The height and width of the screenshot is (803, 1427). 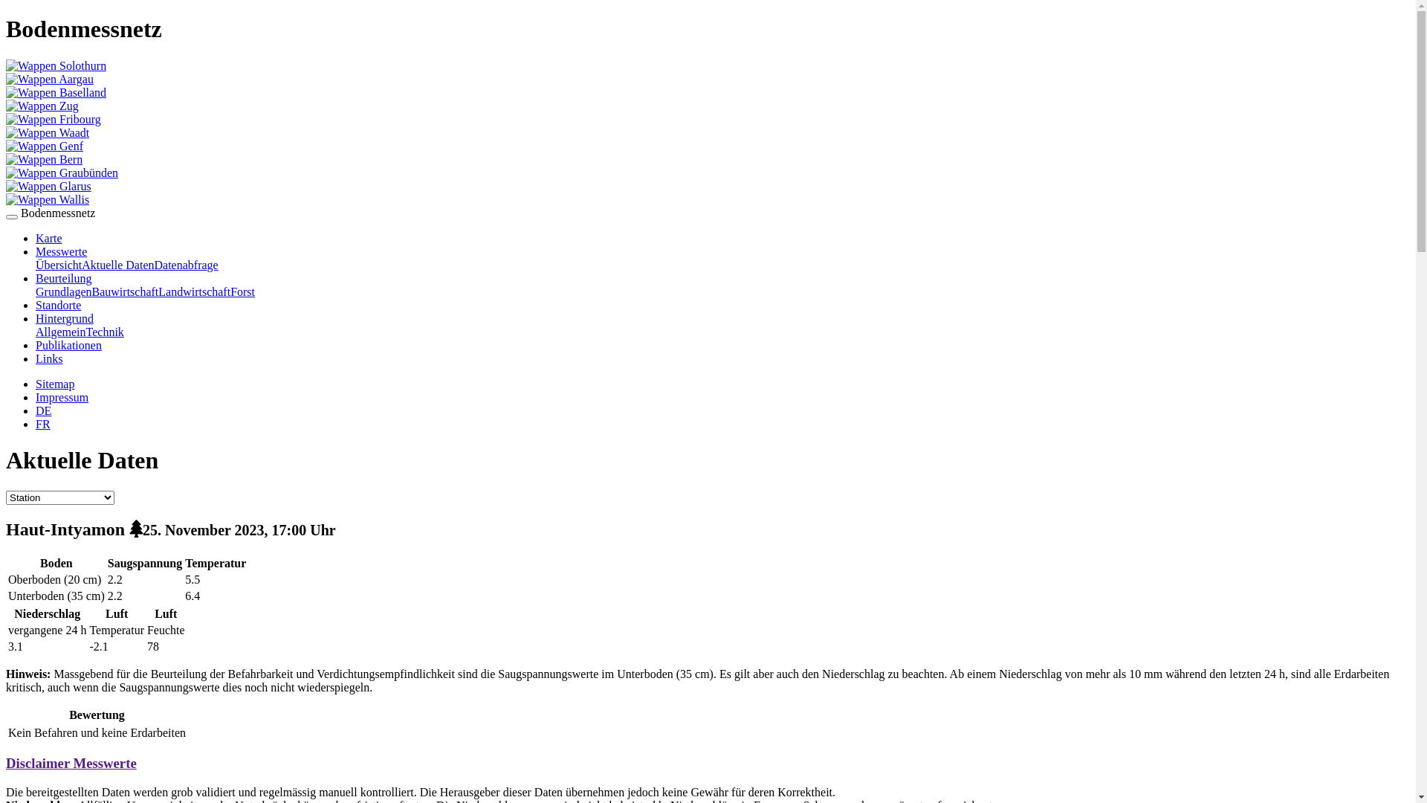 What do you see at coordinates (193, 291) in the screenshot?
I see `'Landwirtschaft'` at bounding box center [193, 291].